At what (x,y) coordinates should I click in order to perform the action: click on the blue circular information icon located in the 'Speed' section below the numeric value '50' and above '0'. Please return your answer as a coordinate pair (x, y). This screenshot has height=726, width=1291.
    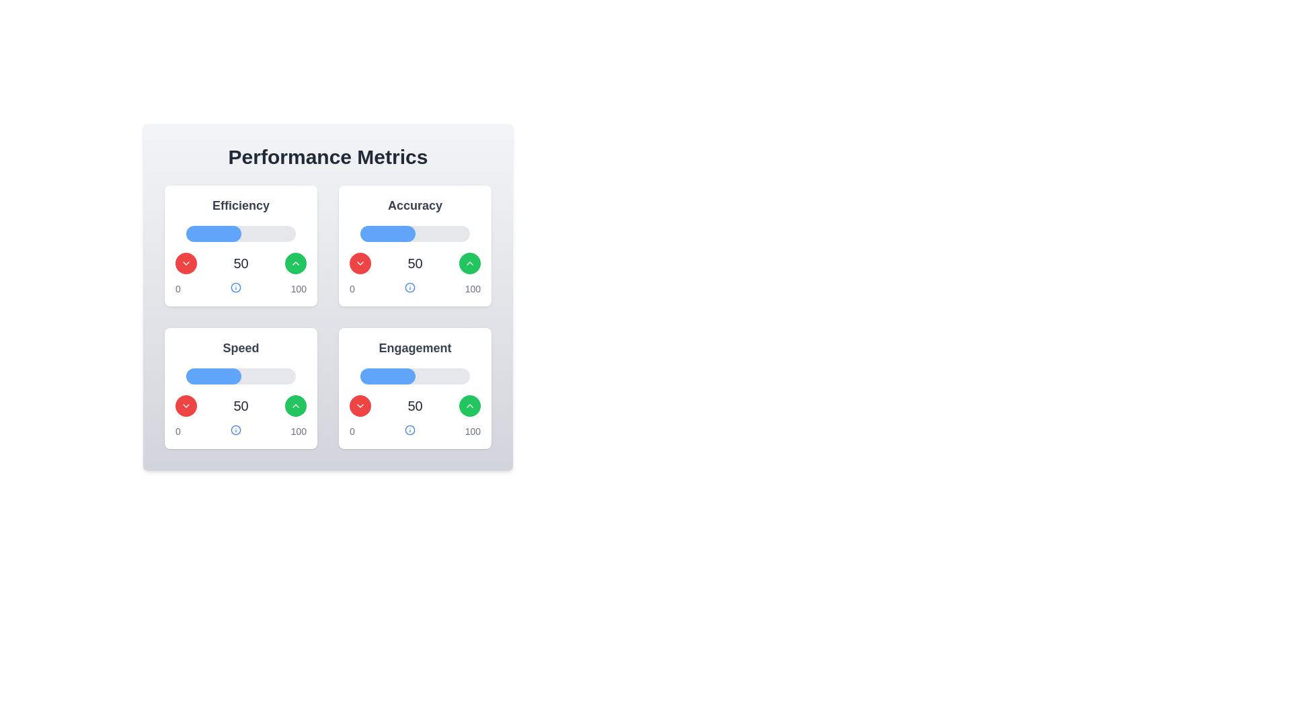
    Looking at the image, I should click on (235, 430).